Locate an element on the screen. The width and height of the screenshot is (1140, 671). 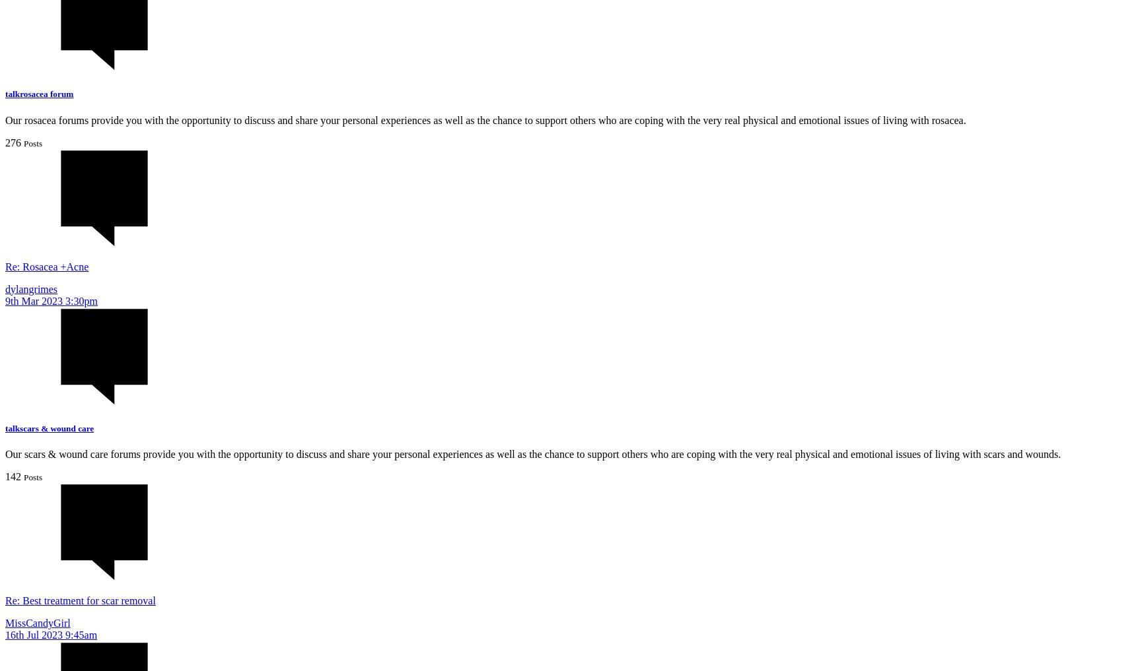
'142' is located at coordinates (13, 475).